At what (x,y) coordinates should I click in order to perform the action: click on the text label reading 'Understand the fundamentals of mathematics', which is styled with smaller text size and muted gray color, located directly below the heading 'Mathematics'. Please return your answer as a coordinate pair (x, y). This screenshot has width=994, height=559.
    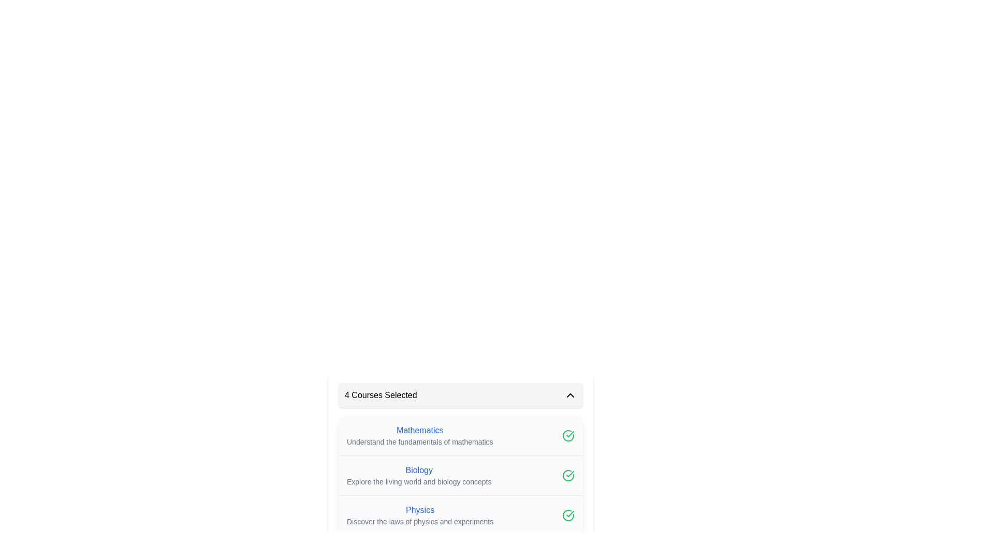
    Looking at the image, I should click on (420, 442).